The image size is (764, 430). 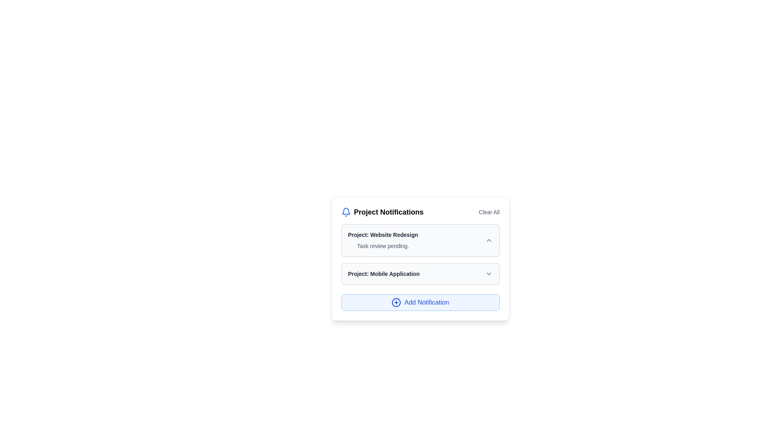 I want to click on the Interactive notification item titled 'Project: Website Redesign', so click(x=420, y=240).